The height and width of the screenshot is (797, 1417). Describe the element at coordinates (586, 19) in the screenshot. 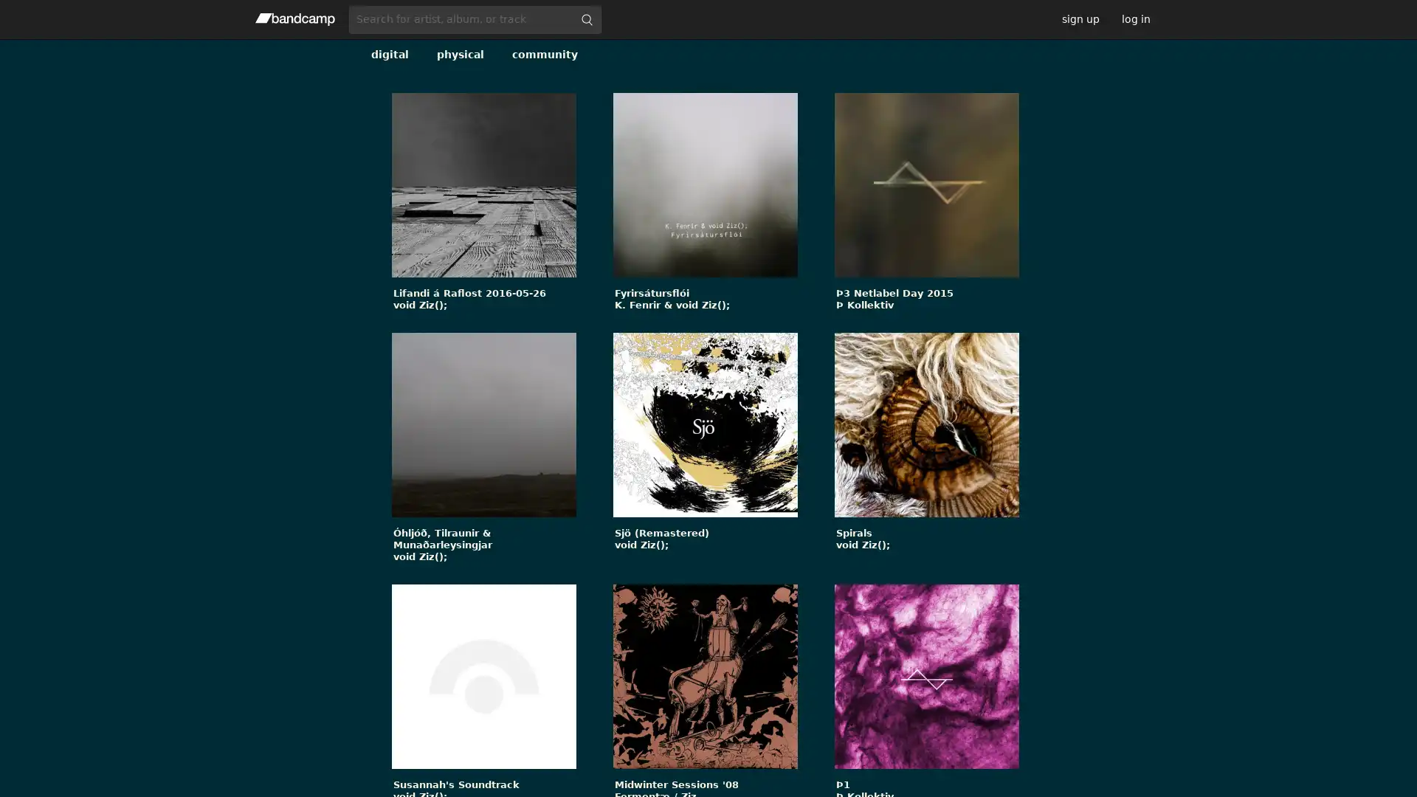

I see `submit for full search page` at that location.